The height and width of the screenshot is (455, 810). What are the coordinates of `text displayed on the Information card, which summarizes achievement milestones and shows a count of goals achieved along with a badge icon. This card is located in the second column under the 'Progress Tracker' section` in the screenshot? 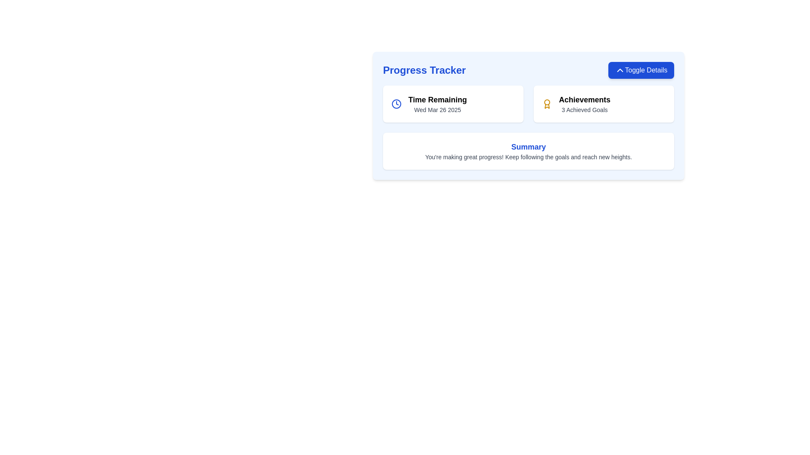 It's located at (603, 103).